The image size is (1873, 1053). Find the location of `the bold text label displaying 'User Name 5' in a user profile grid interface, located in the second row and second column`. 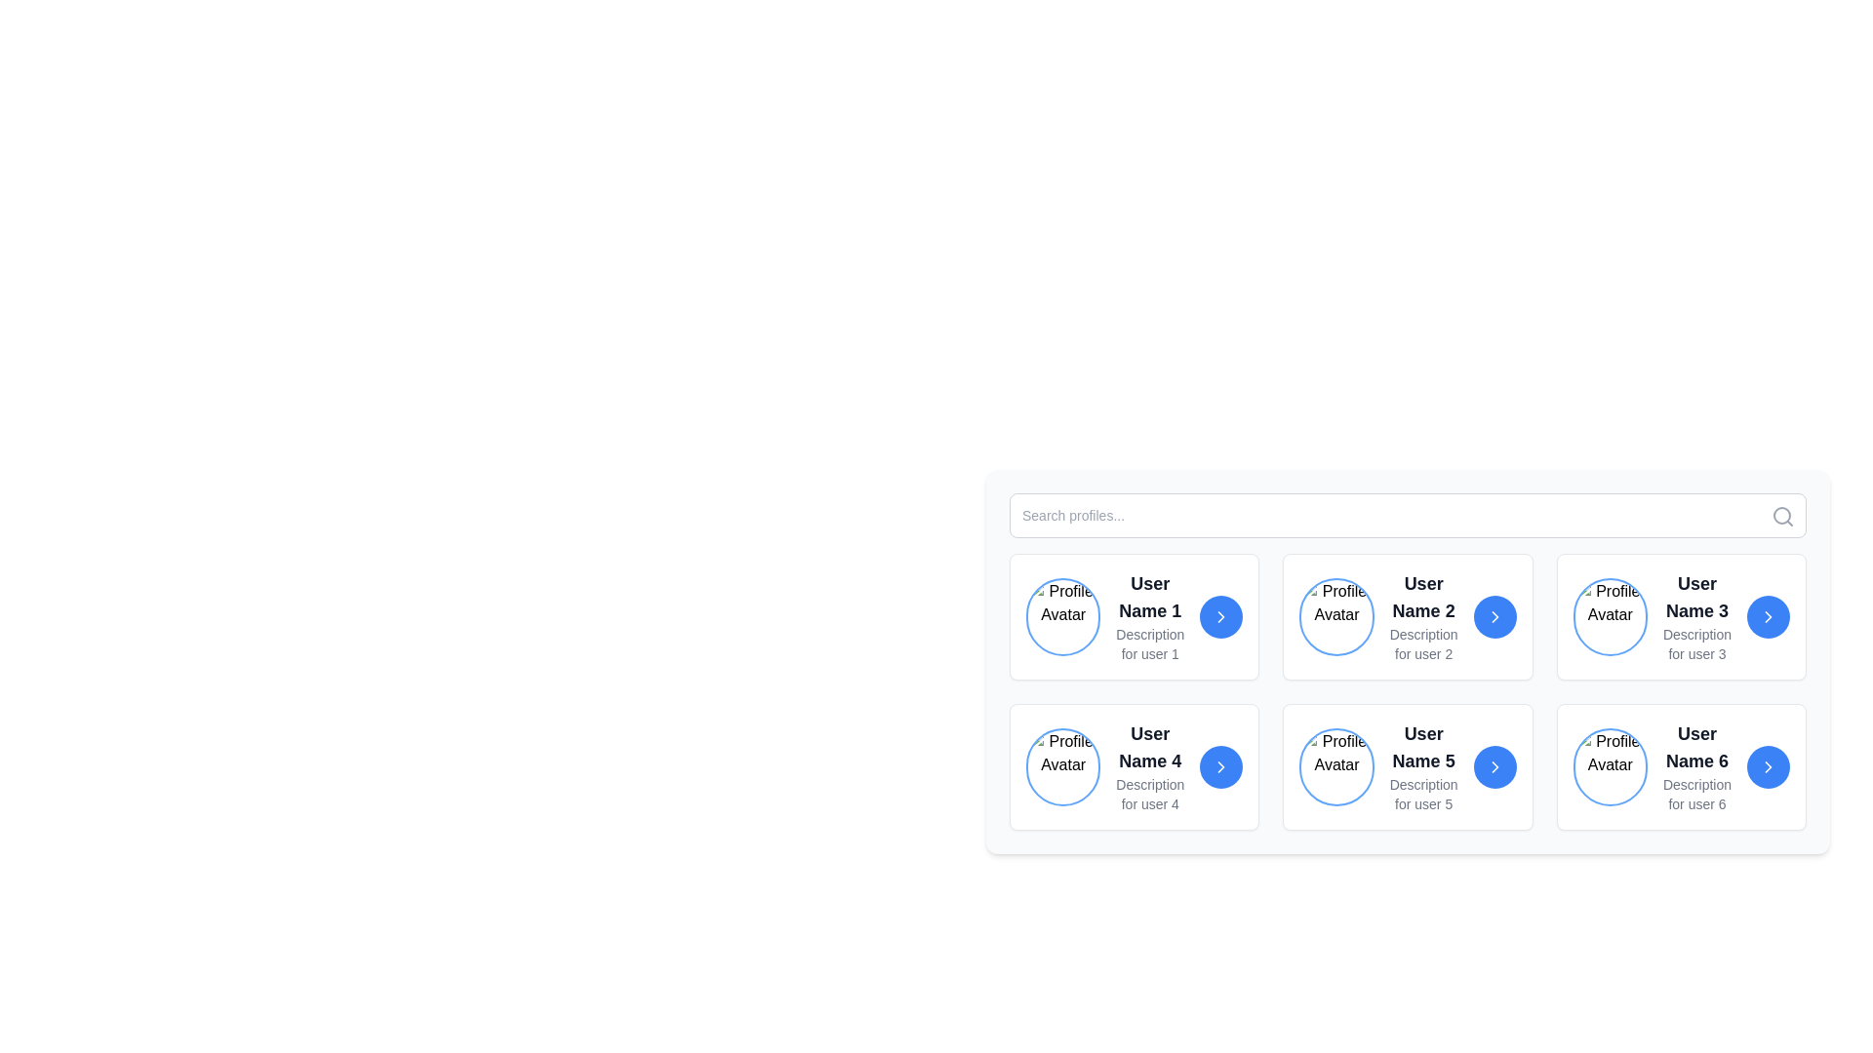

the bold text label displaying 'User Name 5' in a user profile grid interface, located in the second row and second column is located at coordinates (1423, 747).